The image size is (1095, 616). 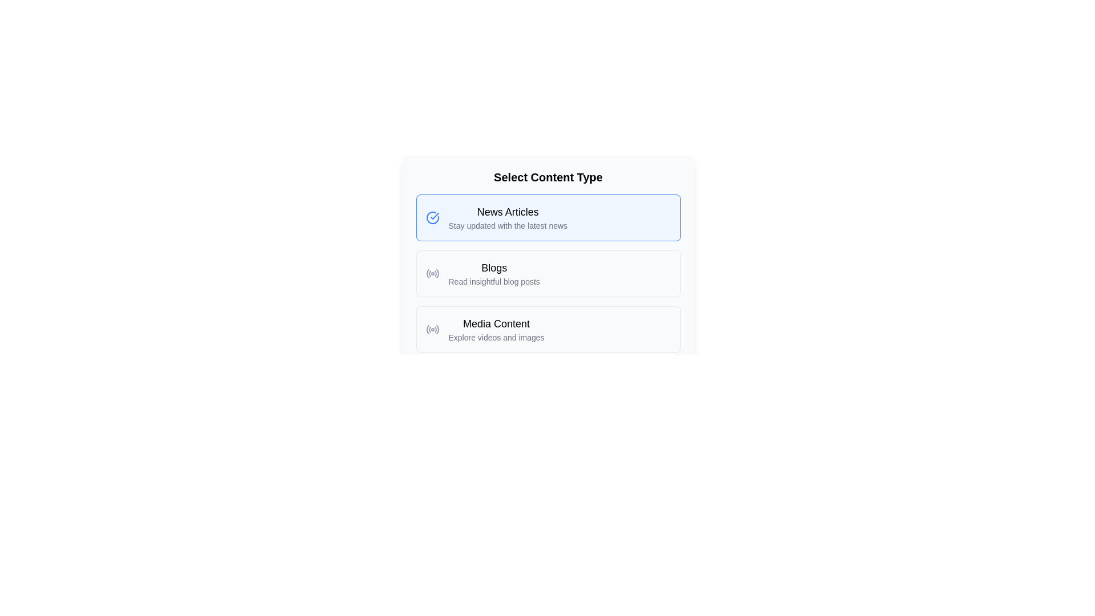 I want to click on the gray radio signal icon associated with the 'Media Content' label, so click(x=432, y=330).